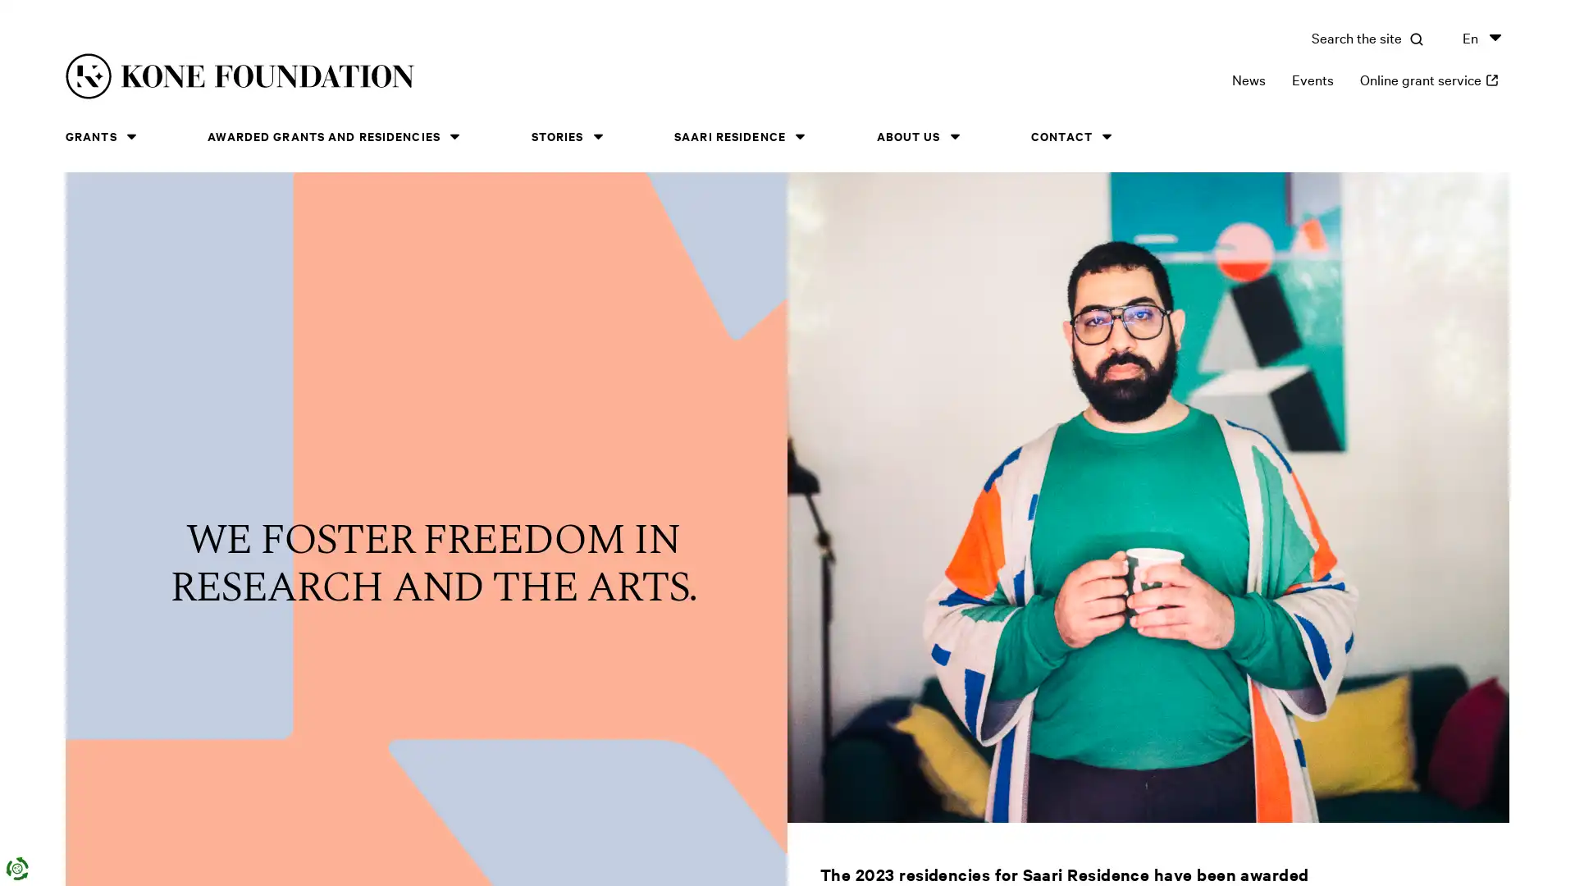 The image size is (1575, 886). Describe the element at coordinates (130, 135) in the screenshot. I see `Grants osion alavalikko` at that location.